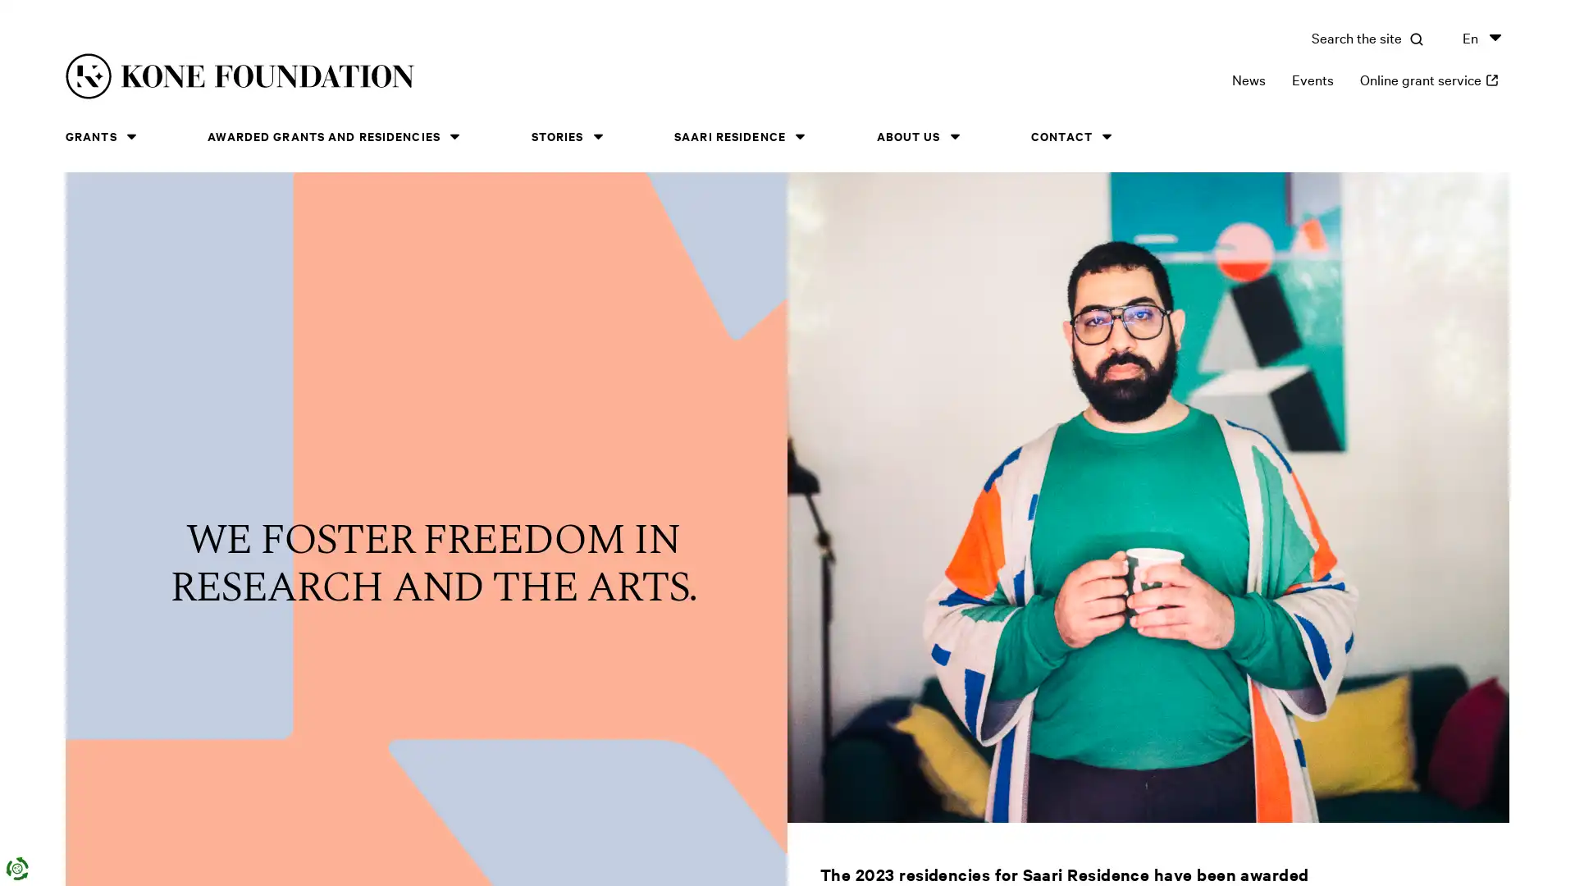 The image size is (1575, 886). Describe the element at coordinates (130, 135) in the screenshot. I see `Grants osion alavalikko` at that location.